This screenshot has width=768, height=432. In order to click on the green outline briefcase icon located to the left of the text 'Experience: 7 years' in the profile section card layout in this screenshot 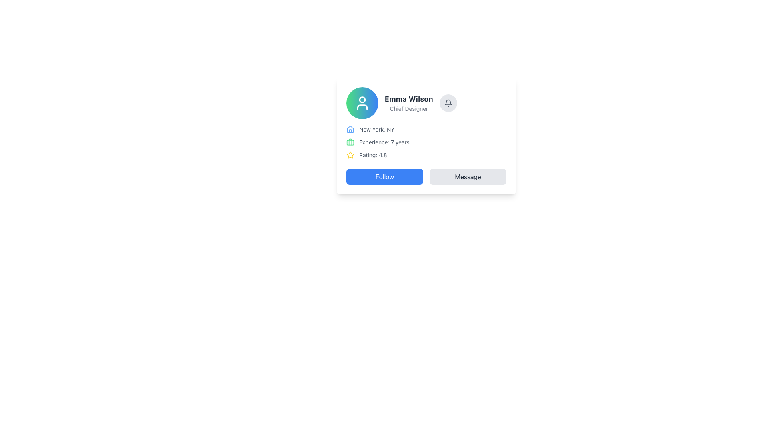, I will do `click(350, 142)`.